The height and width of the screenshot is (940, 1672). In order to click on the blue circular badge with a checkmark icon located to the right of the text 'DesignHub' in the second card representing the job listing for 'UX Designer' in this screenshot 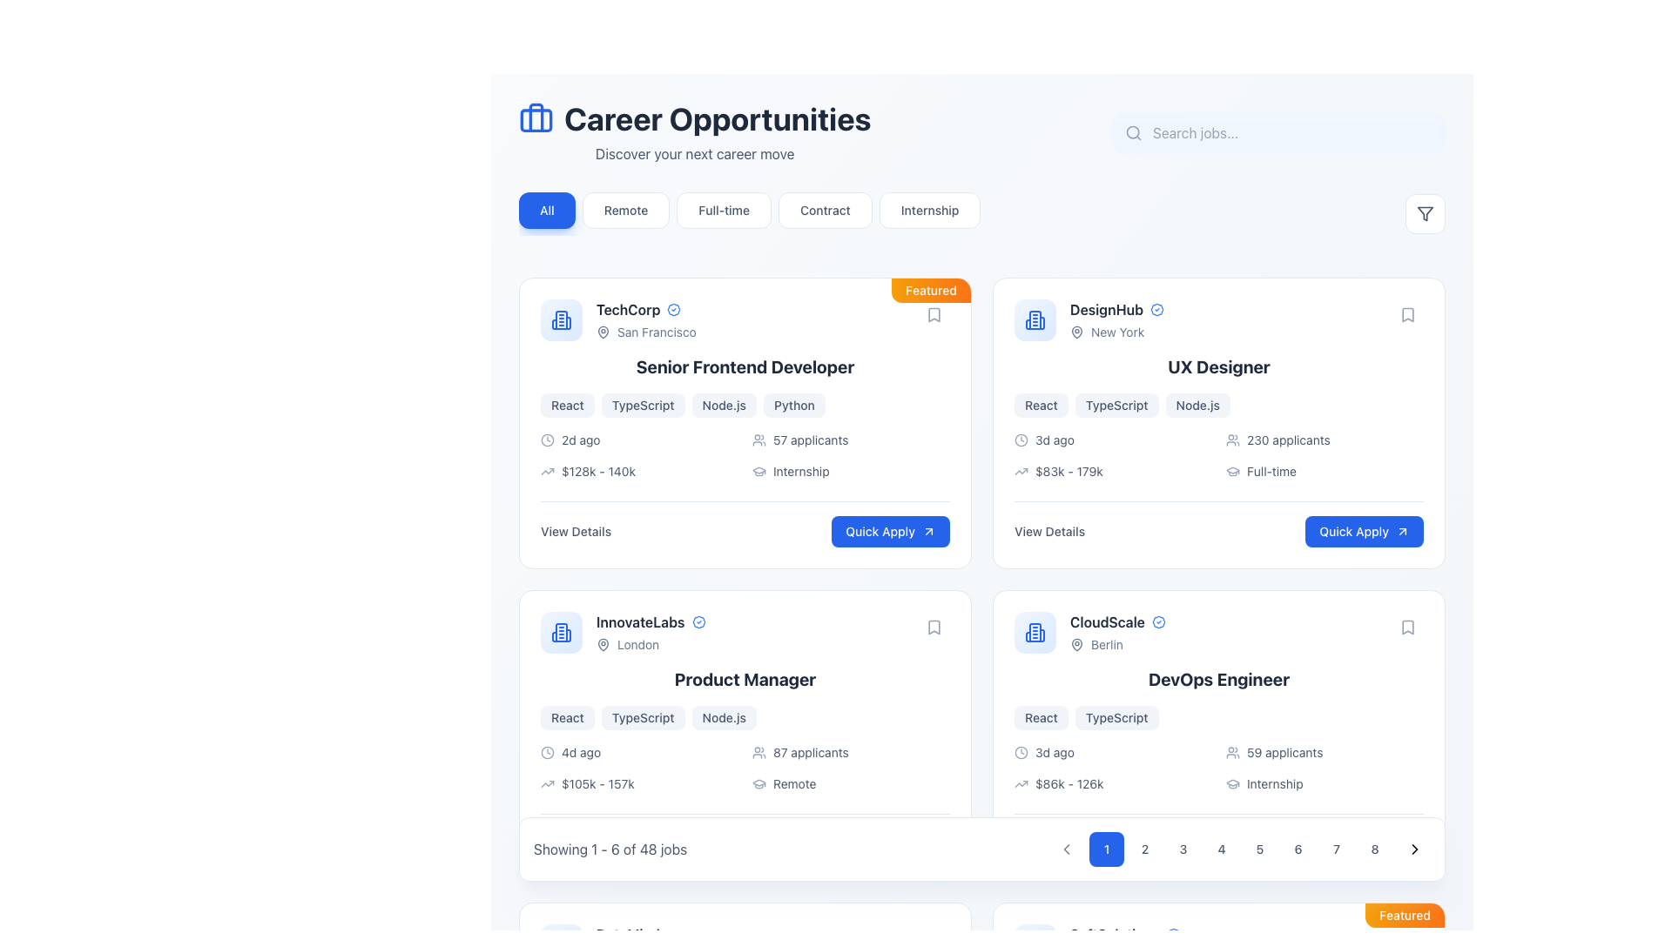, I will do `click(1157, 308)`.